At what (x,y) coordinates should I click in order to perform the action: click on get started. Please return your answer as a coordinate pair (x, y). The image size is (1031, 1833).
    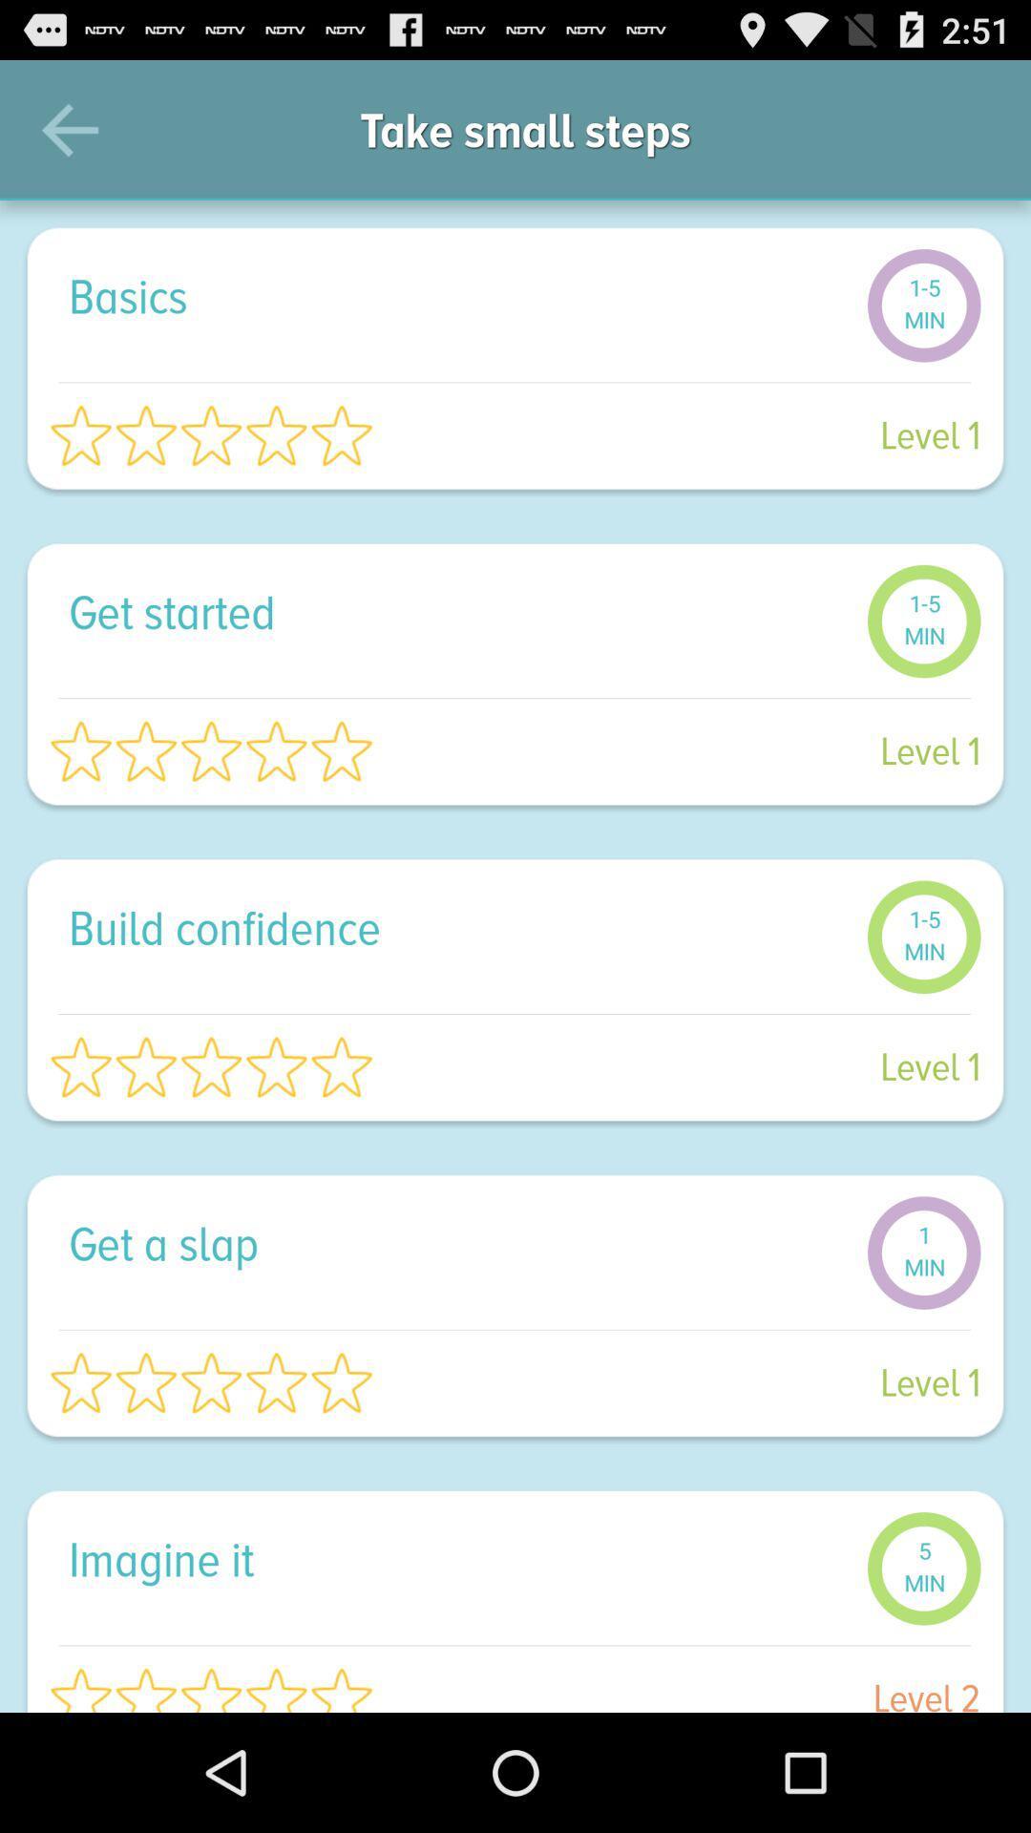
    Looking at the image, I should click on (457, 612).